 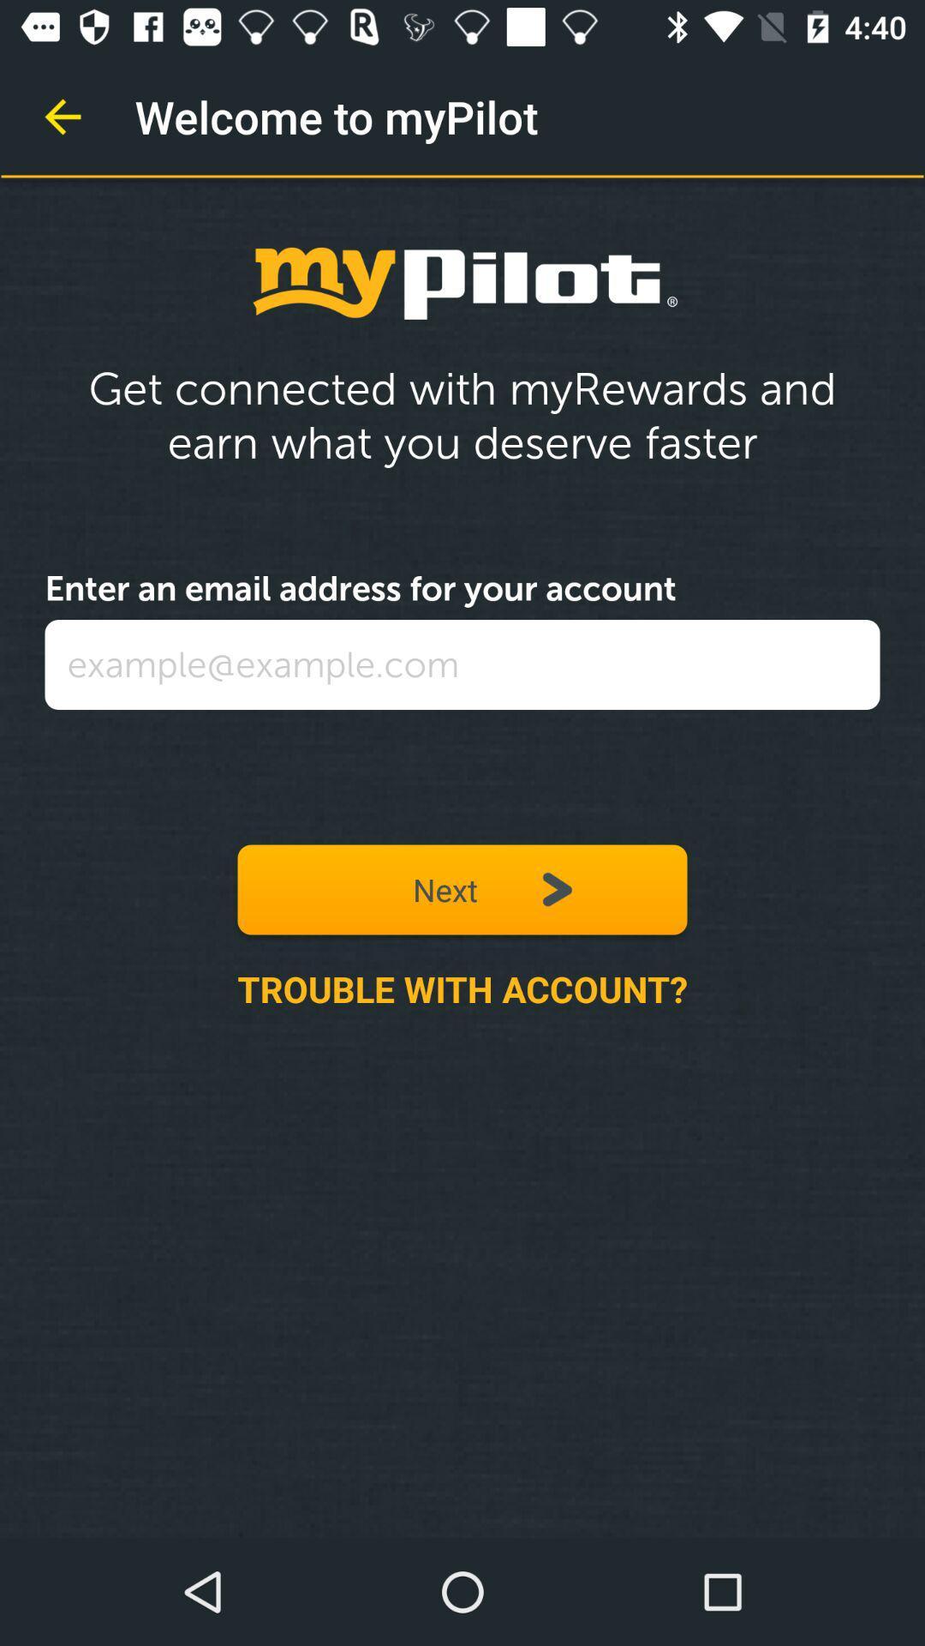 What do you see at coordinates (462, 889) in the screenshot?
I see `icon above trouble with account? icon` at bounding box center [462, 889].